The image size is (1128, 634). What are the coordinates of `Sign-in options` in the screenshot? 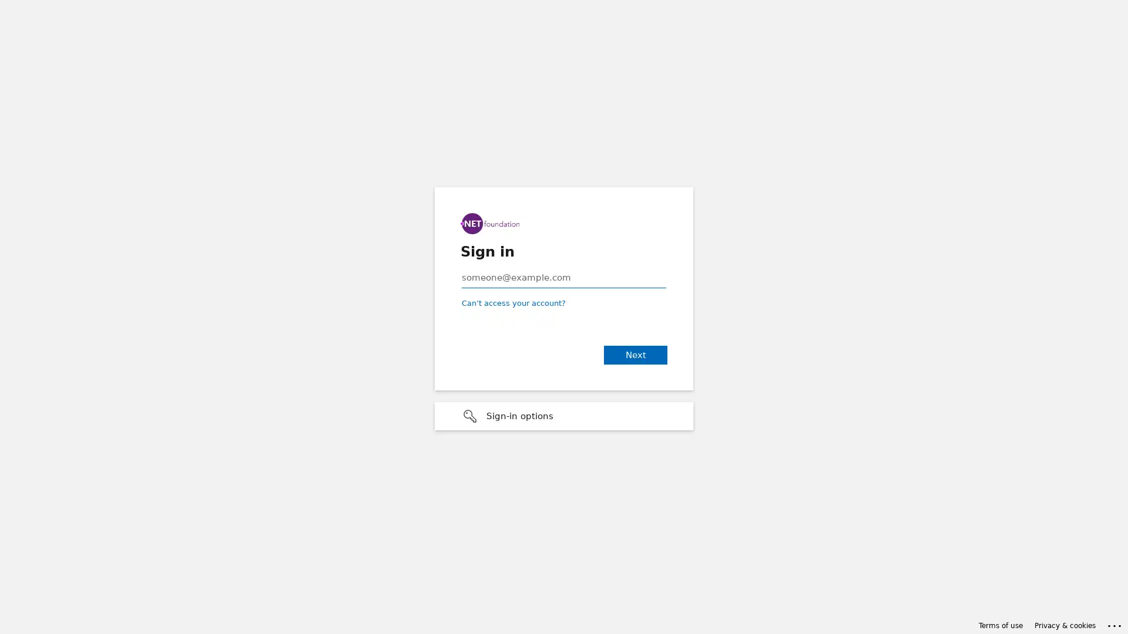 It's located at (564, 416).